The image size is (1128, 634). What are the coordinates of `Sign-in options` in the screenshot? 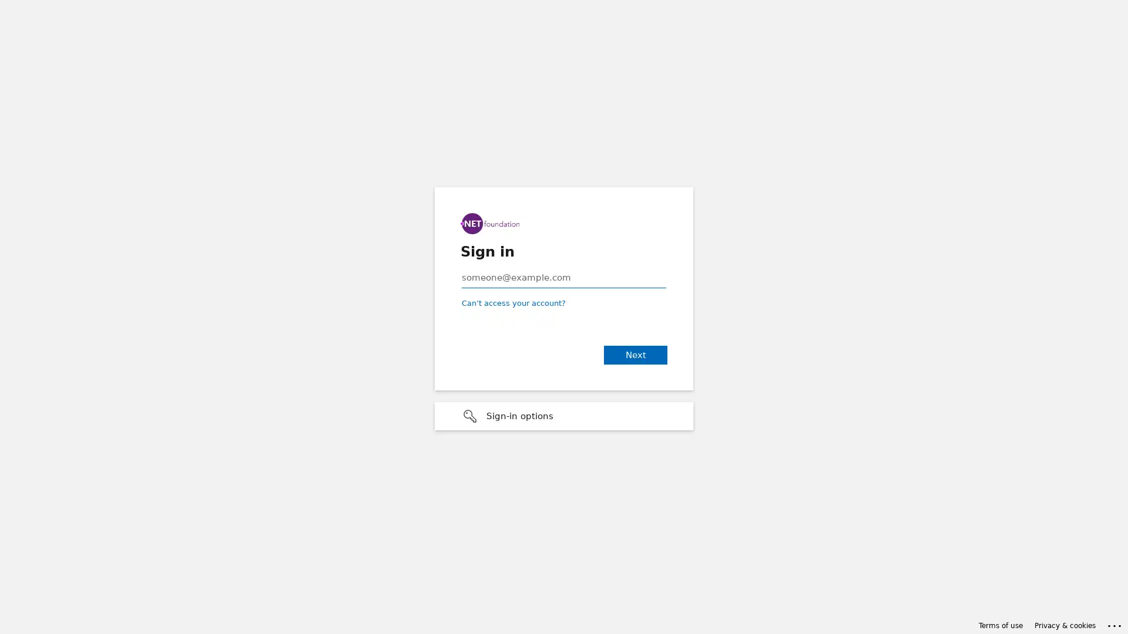 It's located at (564, 416).